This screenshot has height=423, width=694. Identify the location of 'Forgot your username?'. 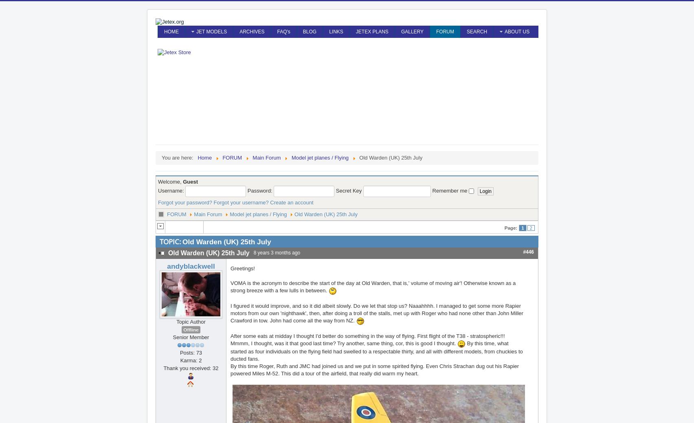
(241, 202).